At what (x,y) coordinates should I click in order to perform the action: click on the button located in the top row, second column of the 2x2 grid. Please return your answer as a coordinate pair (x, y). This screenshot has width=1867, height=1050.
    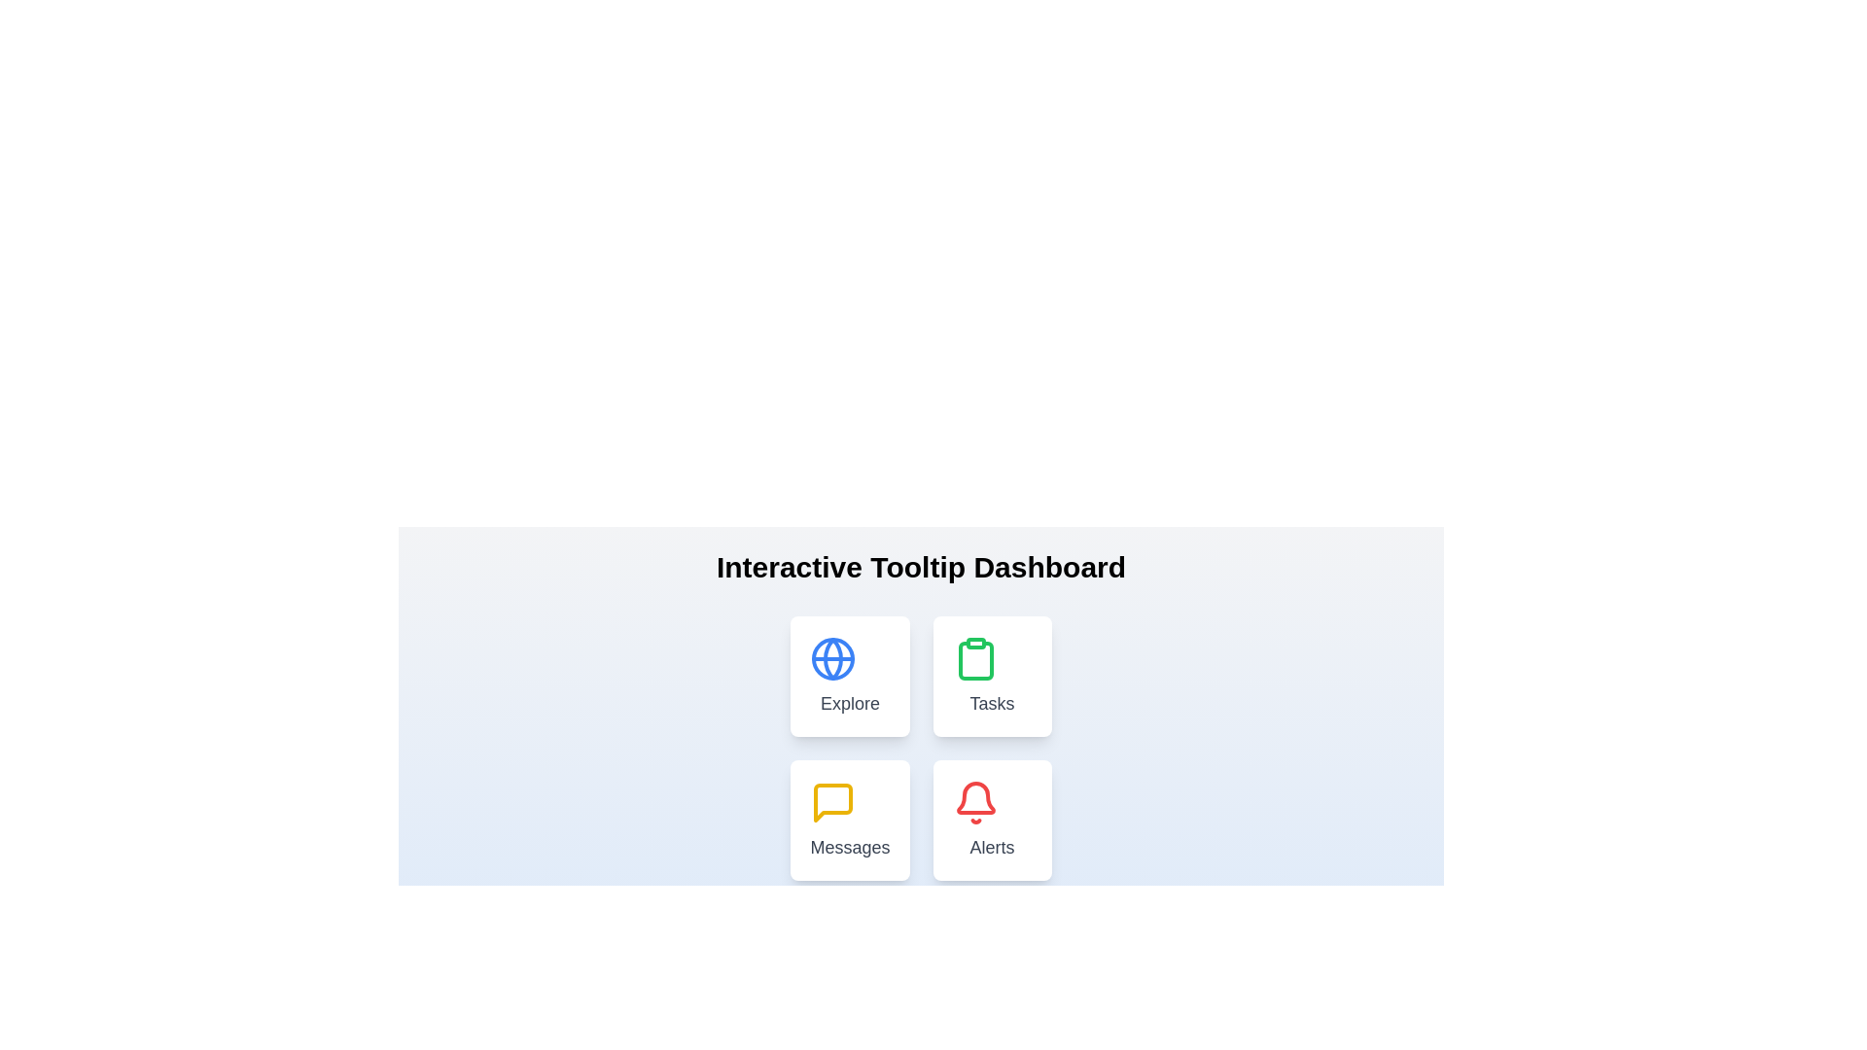
    Looking at the image, I should click on (992, 675).